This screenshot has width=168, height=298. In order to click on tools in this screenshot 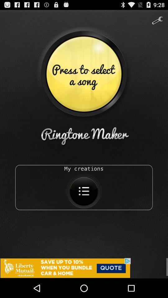, I will do `click(157, 18)`.